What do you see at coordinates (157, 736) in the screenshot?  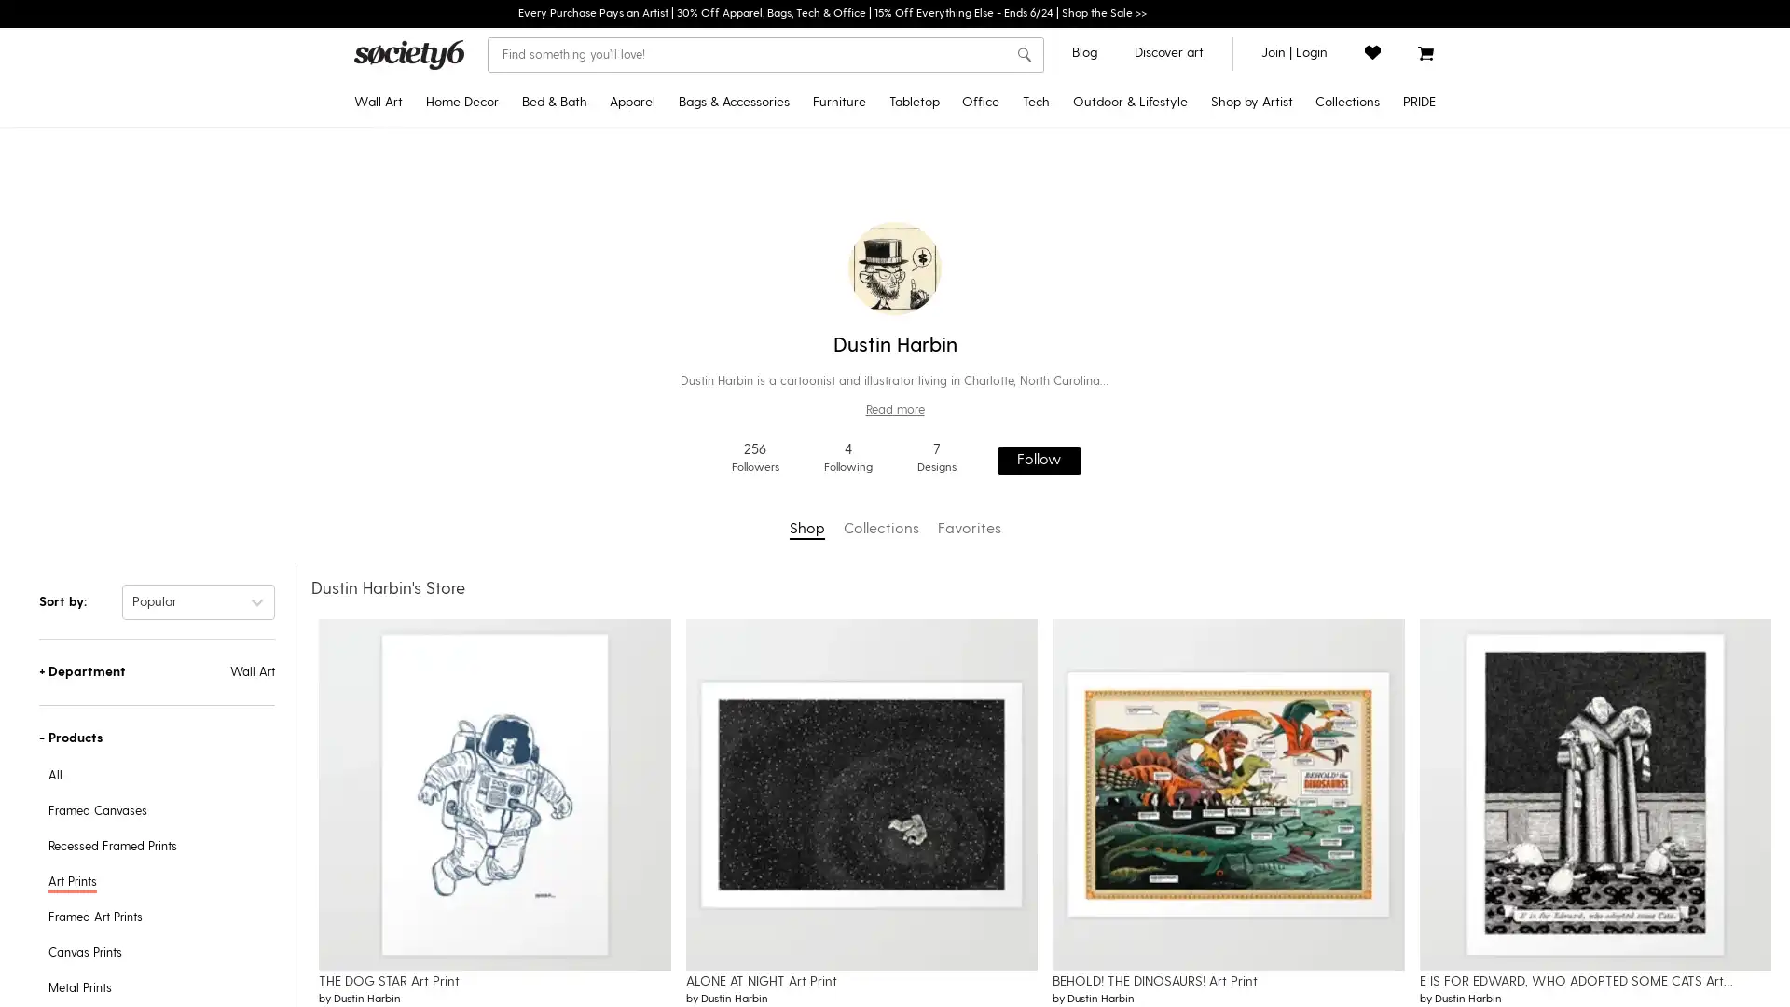 I see `-Products` at bounding box center [157, 736].